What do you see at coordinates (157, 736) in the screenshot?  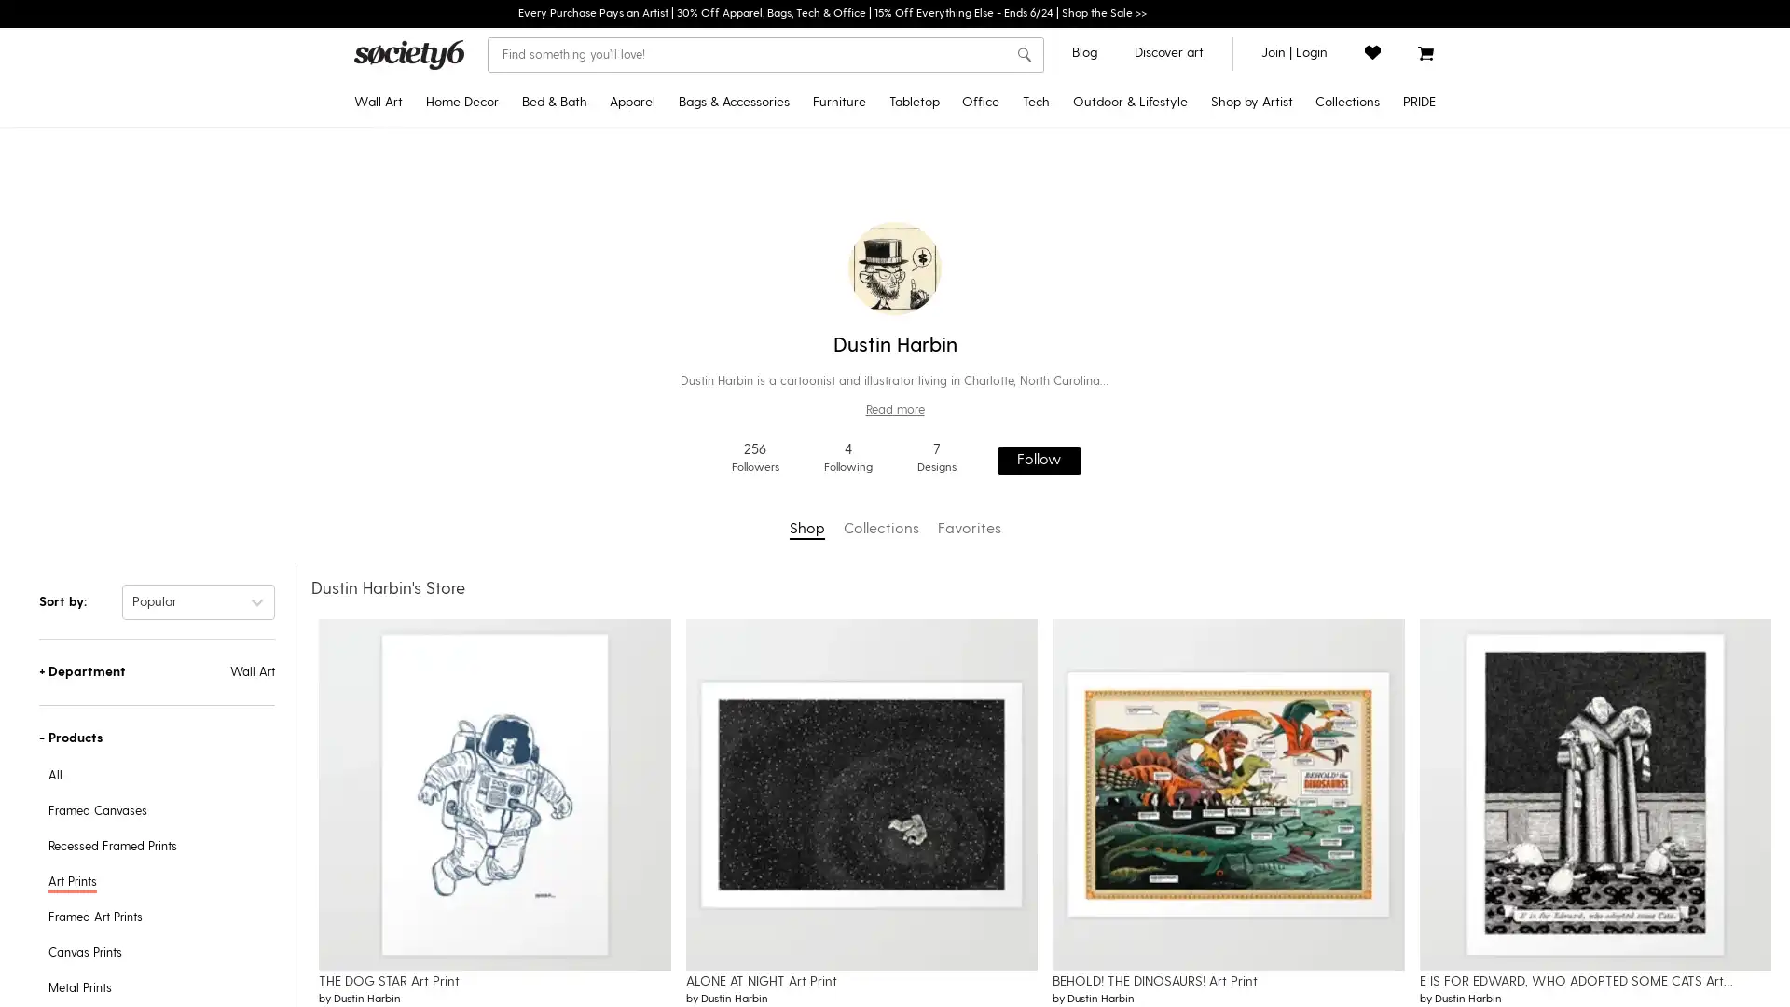 I see `-Products` at bounding box center [157, 736].